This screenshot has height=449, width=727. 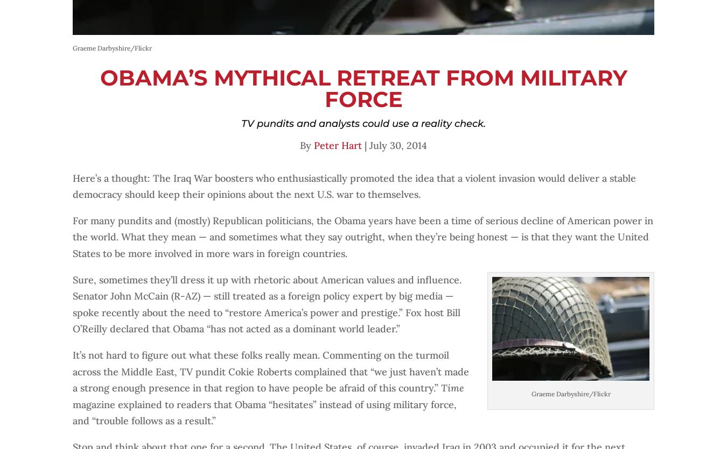 I want to click on 'TV pundits and analysts could use a reality check.', so click(x=363, y=123).